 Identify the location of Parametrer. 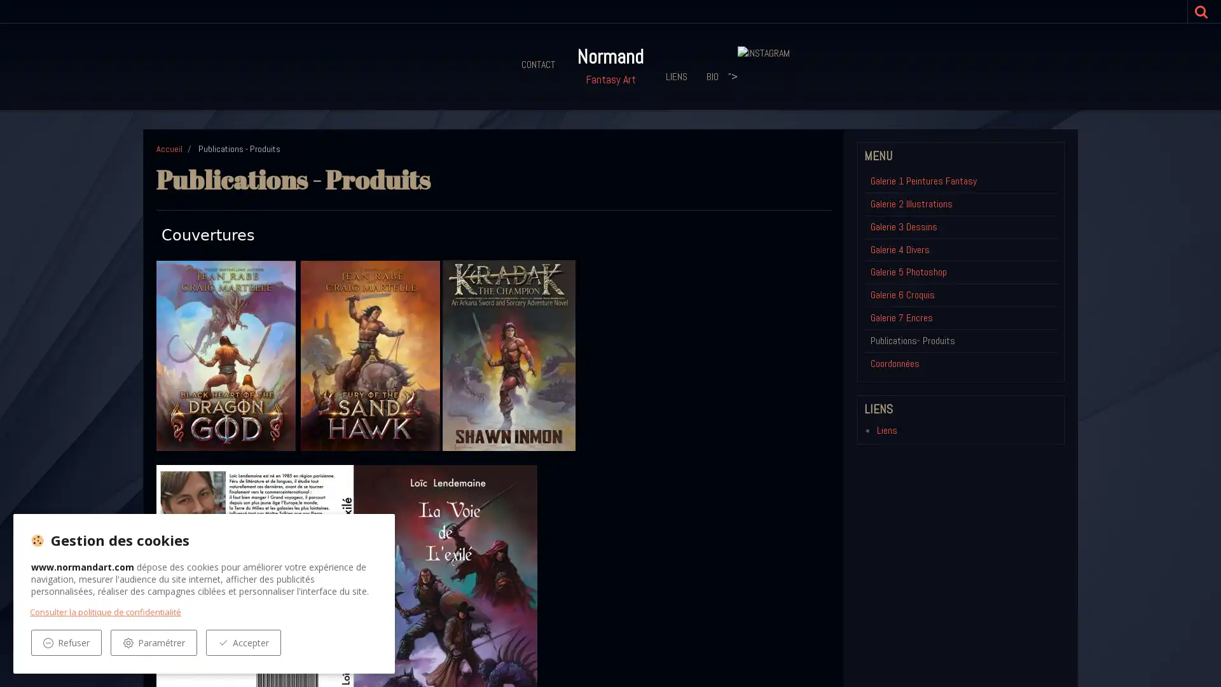
(153, 642).